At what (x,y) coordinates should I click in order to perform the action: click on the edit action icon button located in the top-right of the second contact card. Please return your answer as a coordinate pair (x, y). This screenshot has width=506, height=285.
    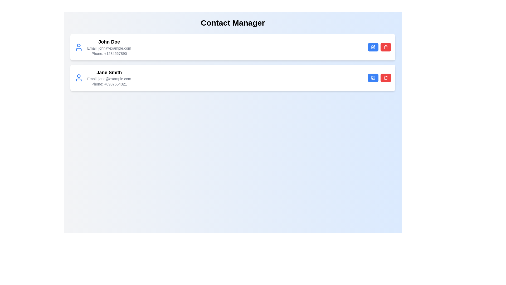
    Looking at the image, I should click on (373, 78).